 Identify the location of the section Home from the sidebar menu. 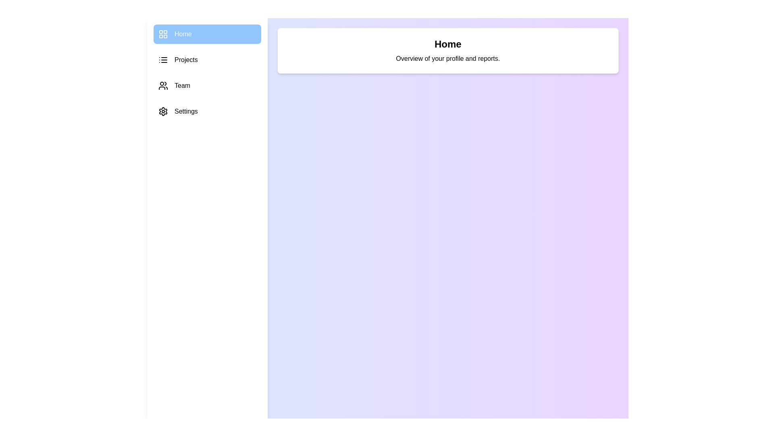
(207, 33).